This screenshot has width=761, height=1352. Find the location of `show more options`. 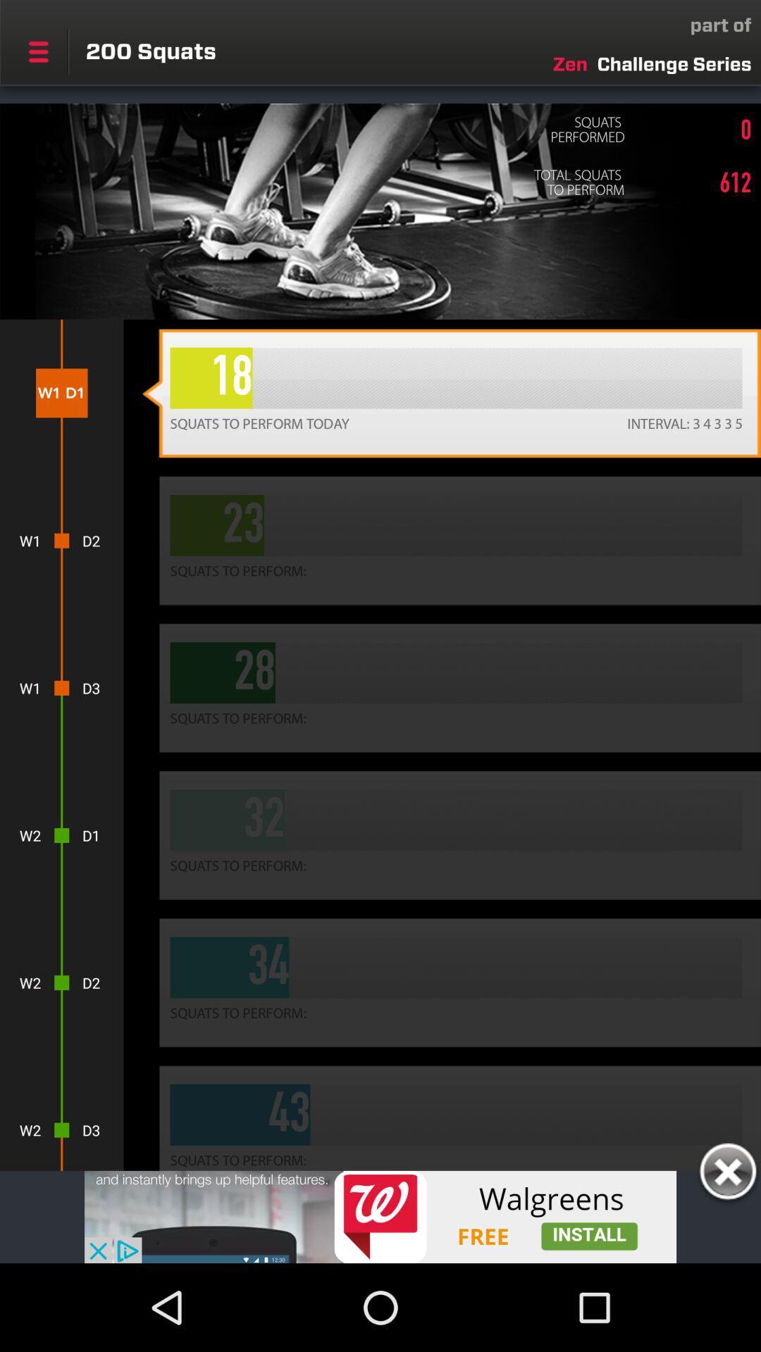

show more options is located at coordinates (37, 51).